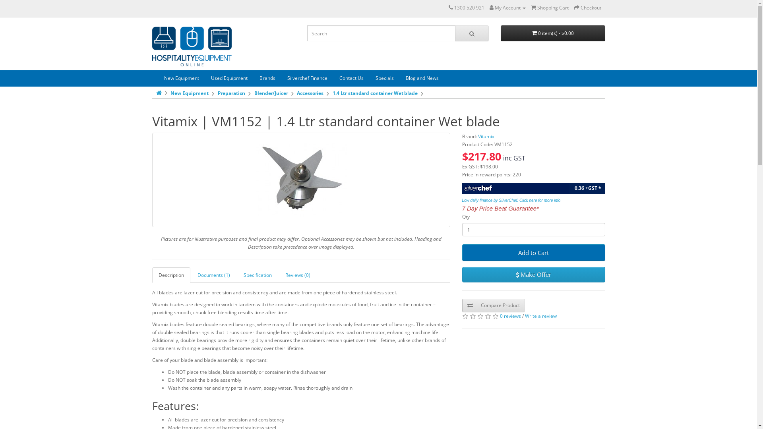  Describe the element at coordinates (533, 253) in the screenshot. I see `'Add to Cart'` at that location.